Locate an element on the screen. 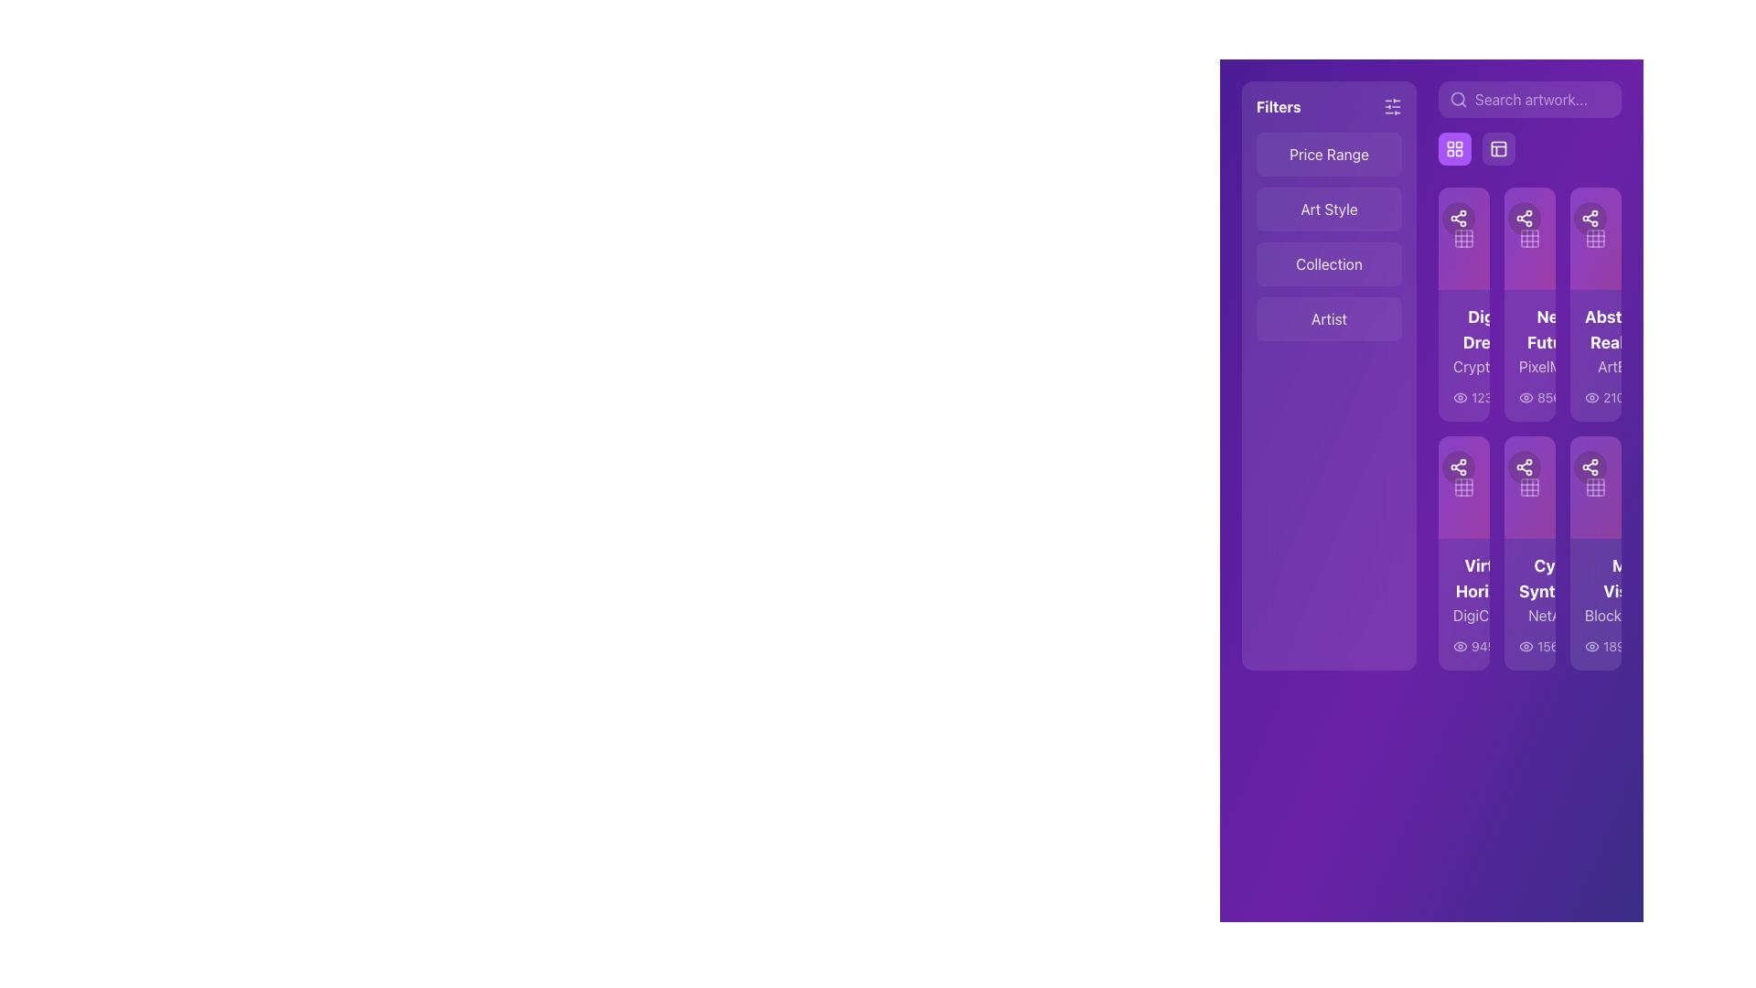 The width and height of the screenshot is (1756, 988). the graphical icon component located in the top-left corner of the grid is located at coordinates (1595, 238).